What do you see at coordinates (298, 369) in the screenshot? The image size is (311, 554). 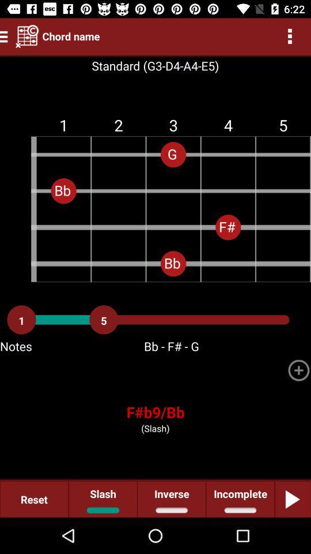 I see `the add icon` at bounding box center [298, 369].